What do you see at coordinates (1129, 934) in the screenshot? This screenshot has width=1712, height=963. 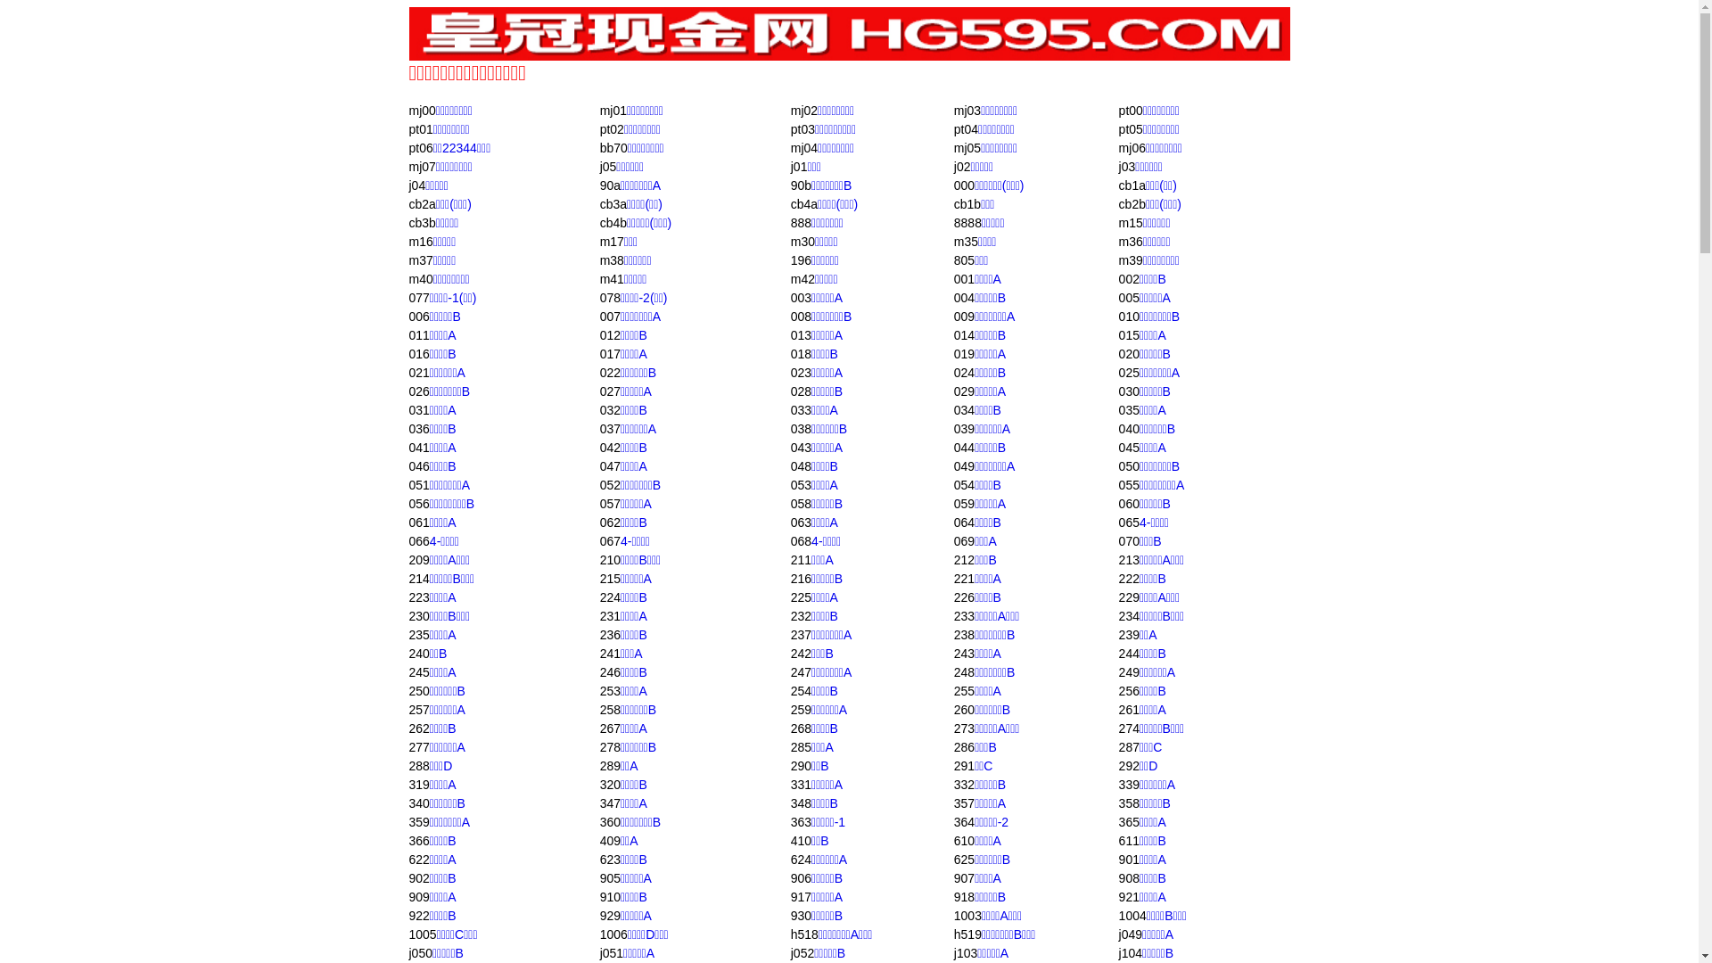 I see `'j049'` at bounding box center [1129, 934].